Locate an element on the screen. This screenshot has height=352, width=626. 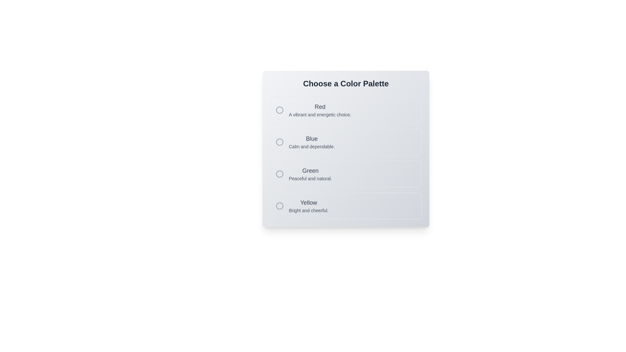
the 'Yellow' text label to focus on it, which serves as the title for the associated description in the interface is located at coordinates (308, 202).